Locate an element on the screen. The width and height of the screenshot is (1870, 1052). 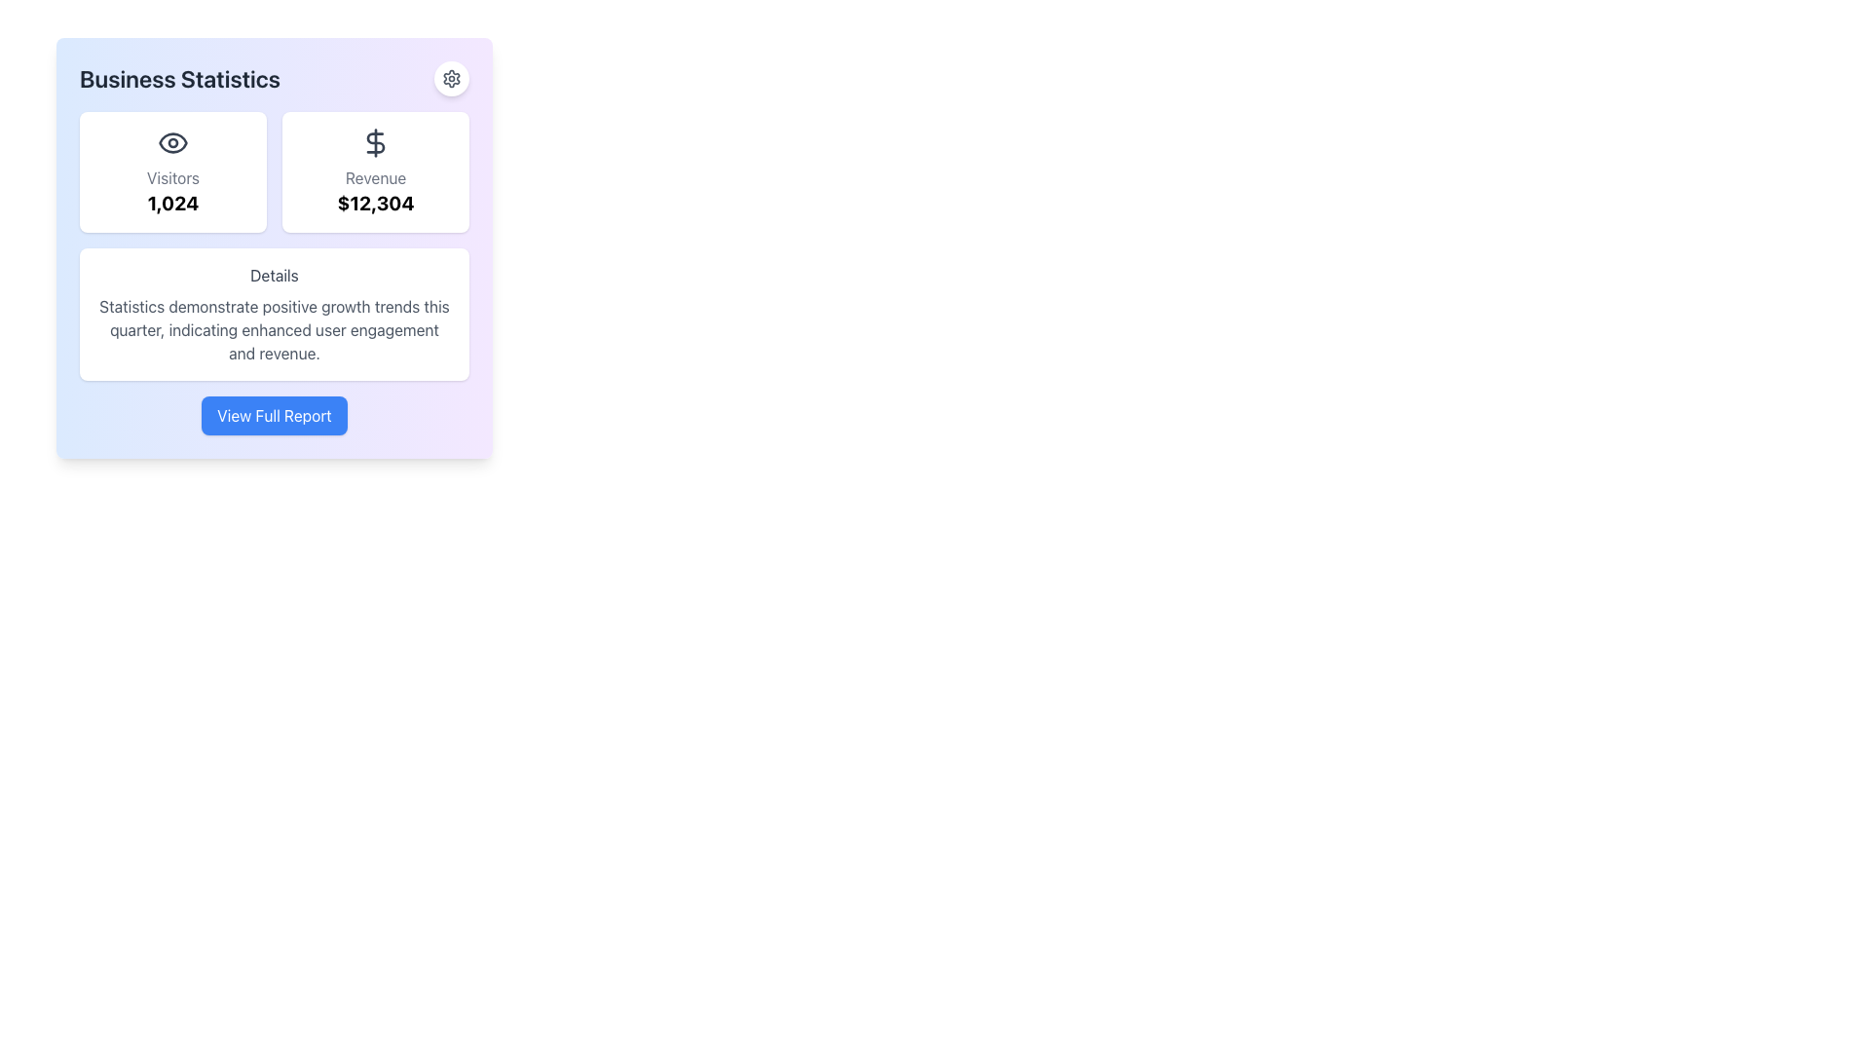
the financial icon located on the right side of the layout, above the text labeled 'Revenue $12,304' is located at coordinates (375, 141).